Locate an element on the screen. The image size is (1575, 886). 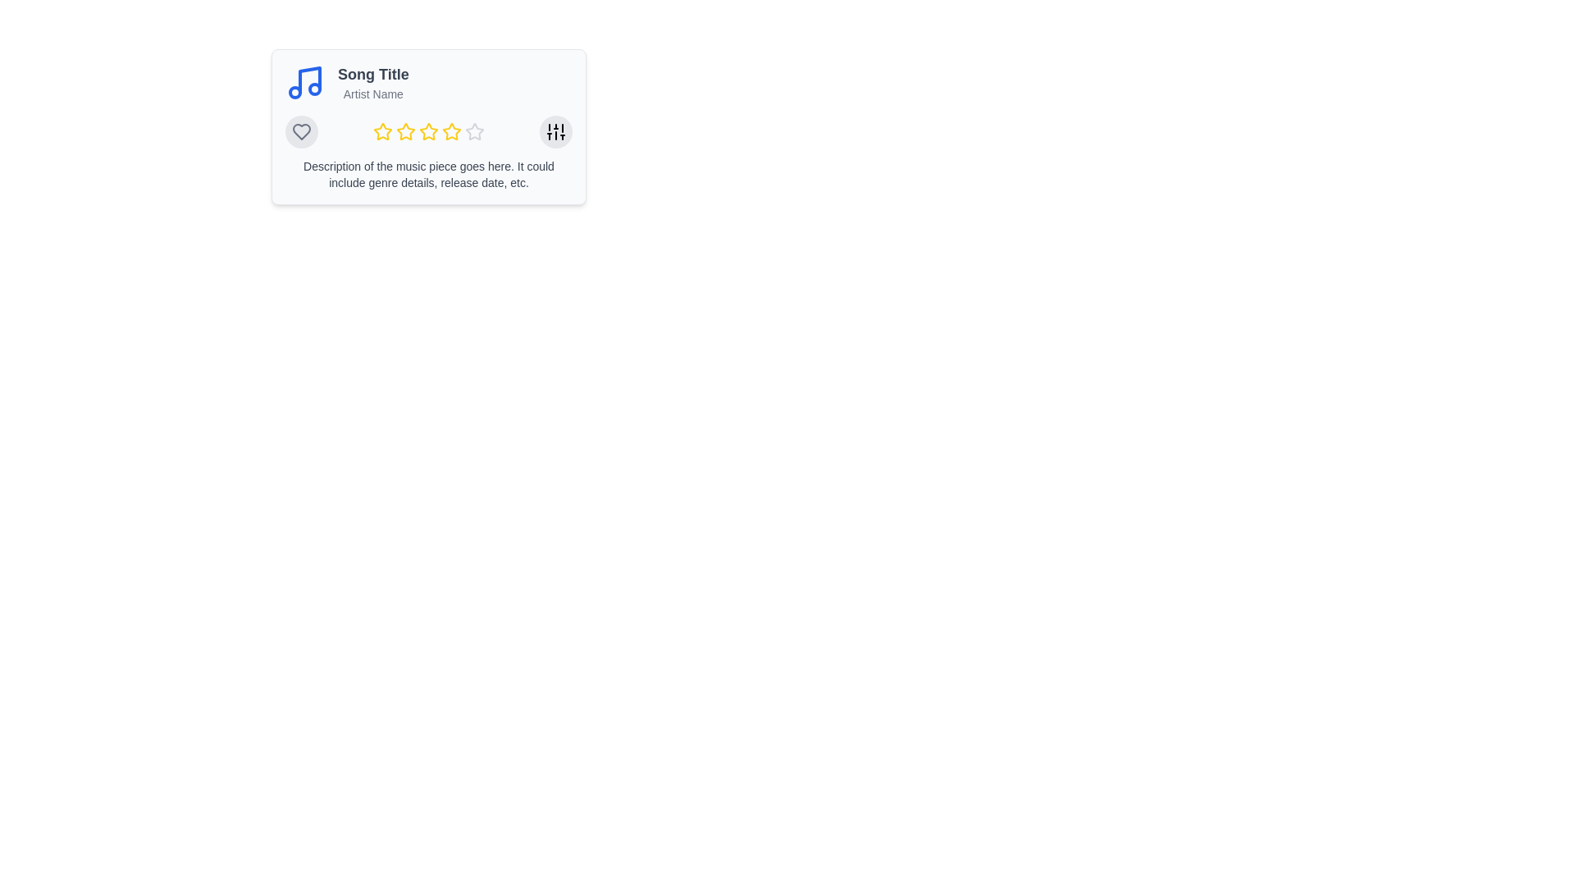
the fifth star rating icon, which is a star-shaped icon with a light gray outline and a transparent fill, to provide visual feedback on interaction intent is located at coordinates (474, 131).